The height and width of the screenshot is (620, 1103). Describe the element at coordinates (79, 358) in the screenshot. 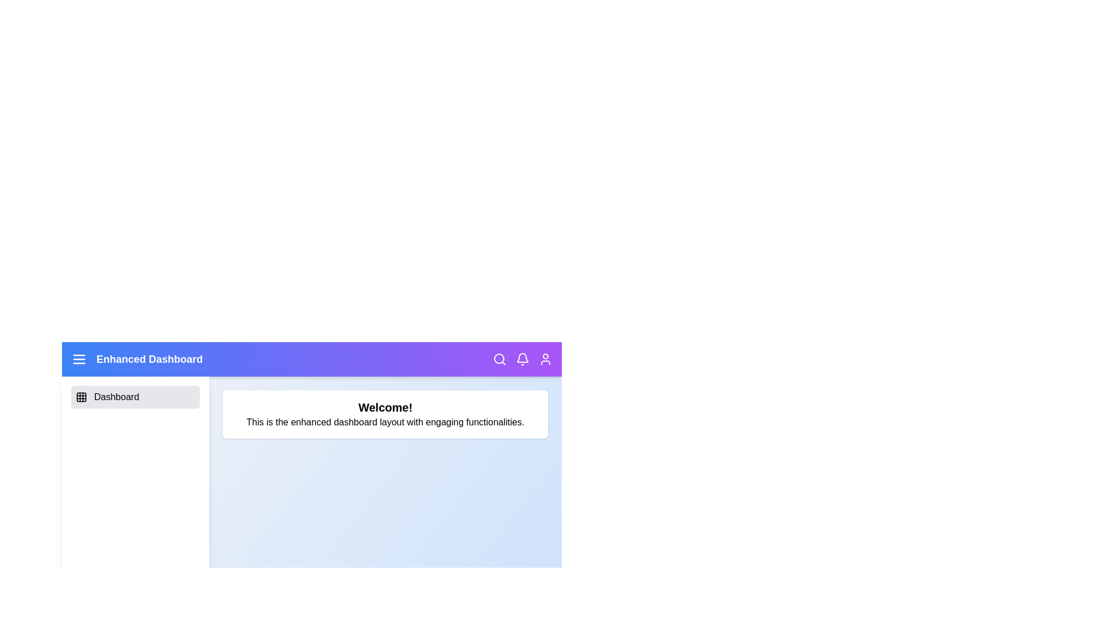

I see `the menu icon to toggle the sidebar visibility` at that location.